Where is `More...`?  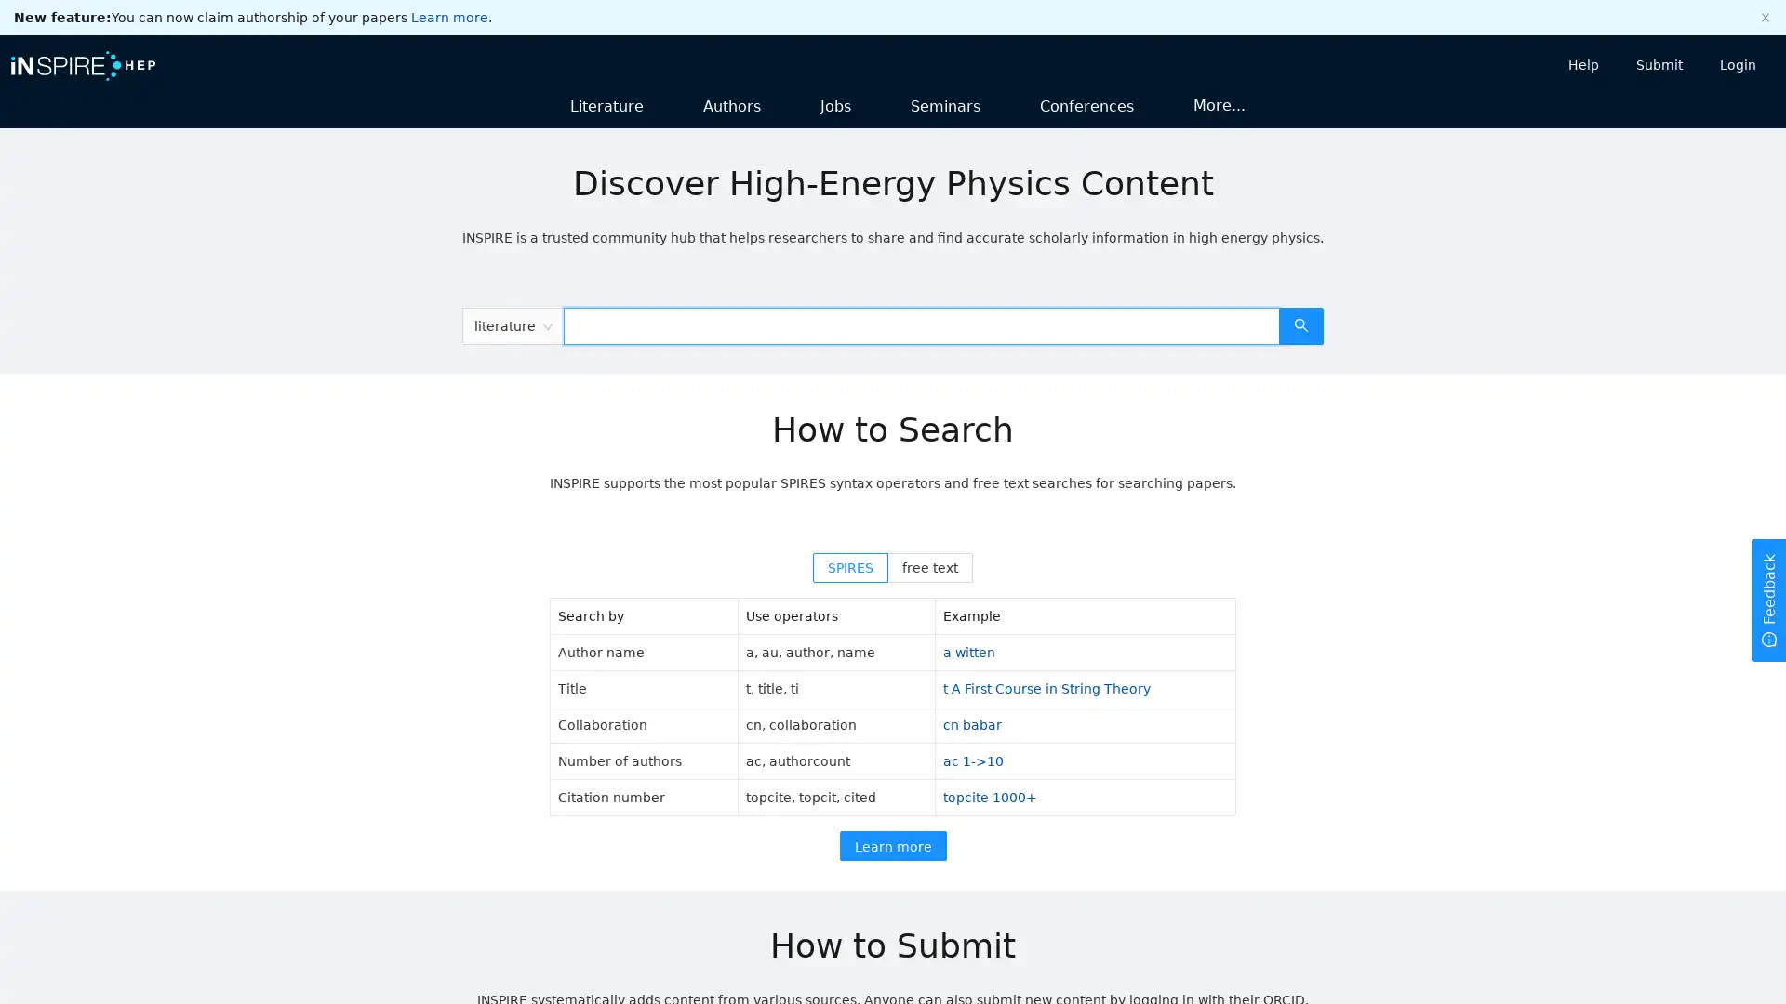 More... is located at coordinates (1219, 104).